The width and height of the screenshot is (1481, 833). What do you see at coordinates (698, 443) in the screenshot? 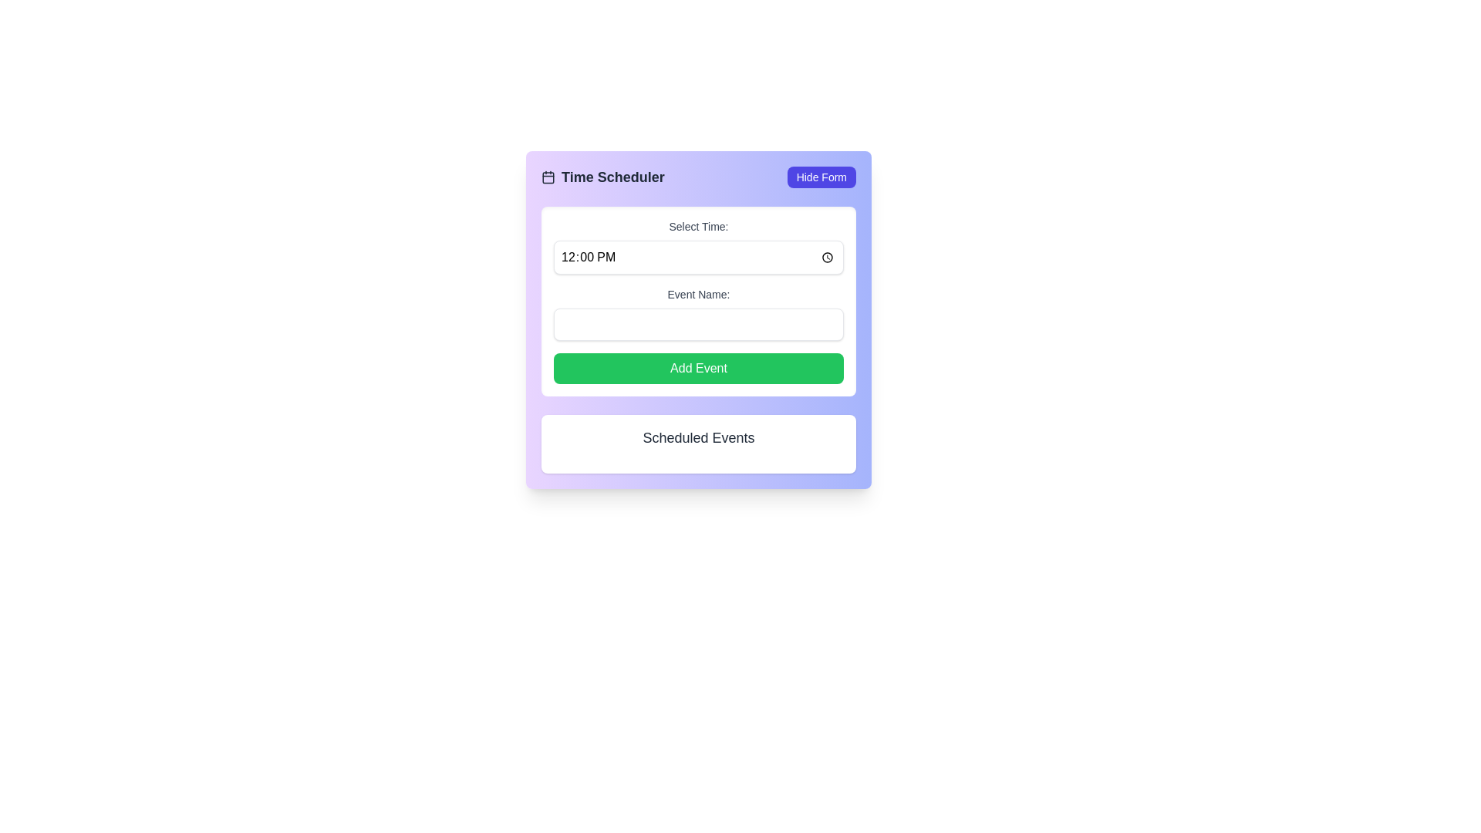
I see `the Text Display Box located at the bottom of the 'Time Scheduler' section, which contains information about scheduled events` at bounding box center [698, 443].